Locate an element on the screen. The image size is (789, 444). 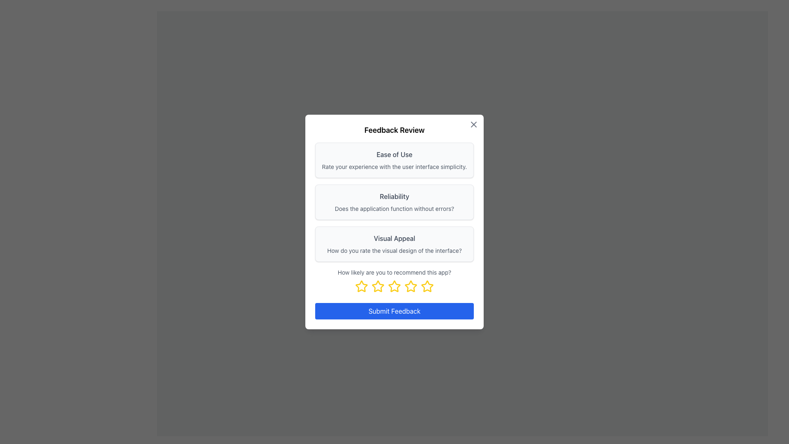
text label that says 'Rate your experience with the user interface simplicity.' located beneath the 'Ease of Use' section heading in the feedback review modal dialog is located at coordinates (394, 166).